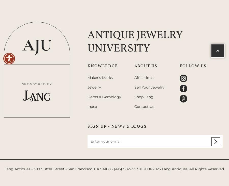 The image size is (229, 186). I want to click on 'ANTIQUE JEWELRY UNIVERSITY', so click(87, 42).